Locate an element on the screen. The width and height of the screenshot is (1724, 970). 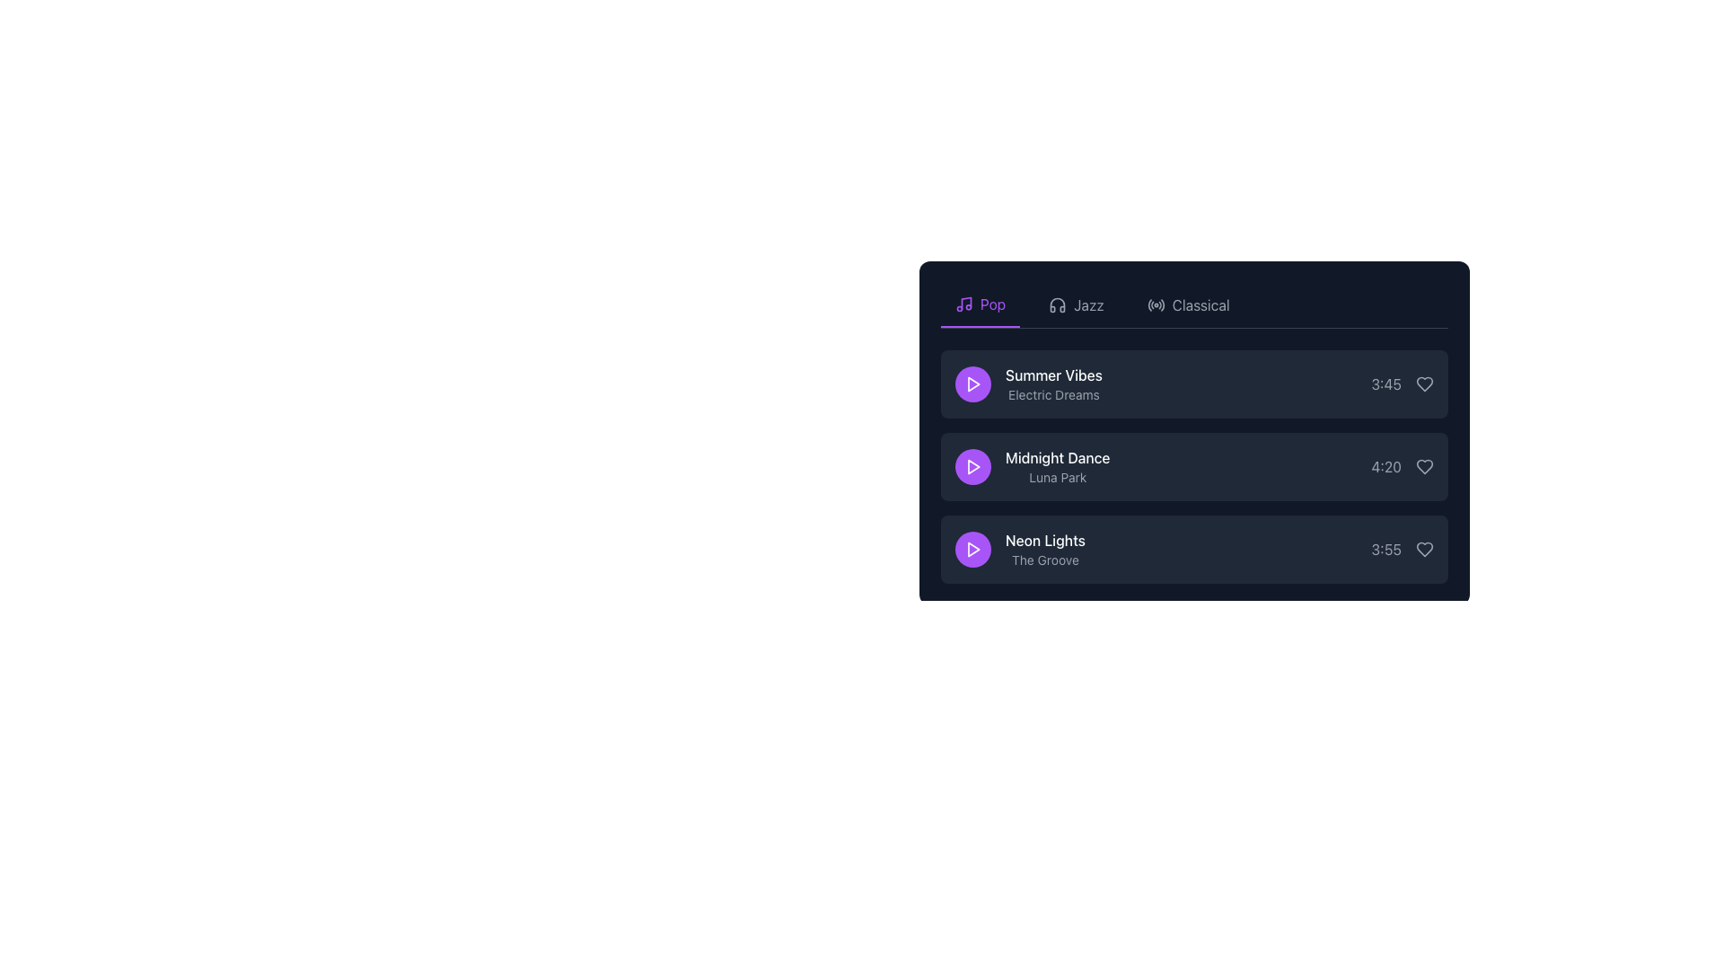
text from the upper text line of the list item that serves as the primary title, located above the subtitle 'Electric Dreams' is located at coordinates (1053, 374).